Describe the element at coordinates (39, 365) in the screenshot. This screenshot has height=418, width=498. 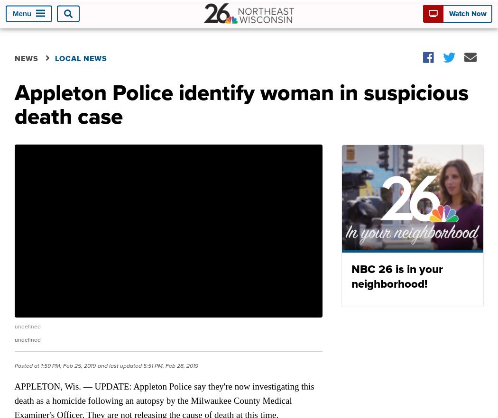
I see `'1:59 PM, Feb 25, 2019'` at that location.